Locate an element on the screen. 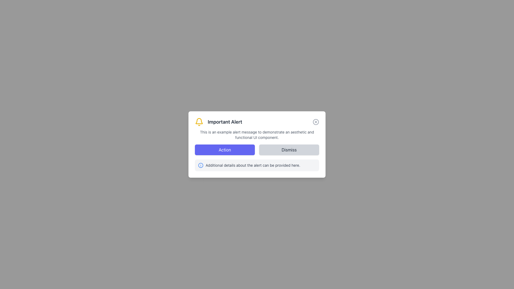  the dismiss button located in the top-right corner of the 'Important Alert' dialog box is located at coordinates (316, 122).